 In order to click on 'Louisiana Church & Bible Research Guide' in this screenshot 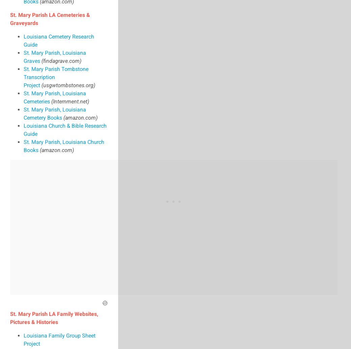, I will do `click(65, 129)`.